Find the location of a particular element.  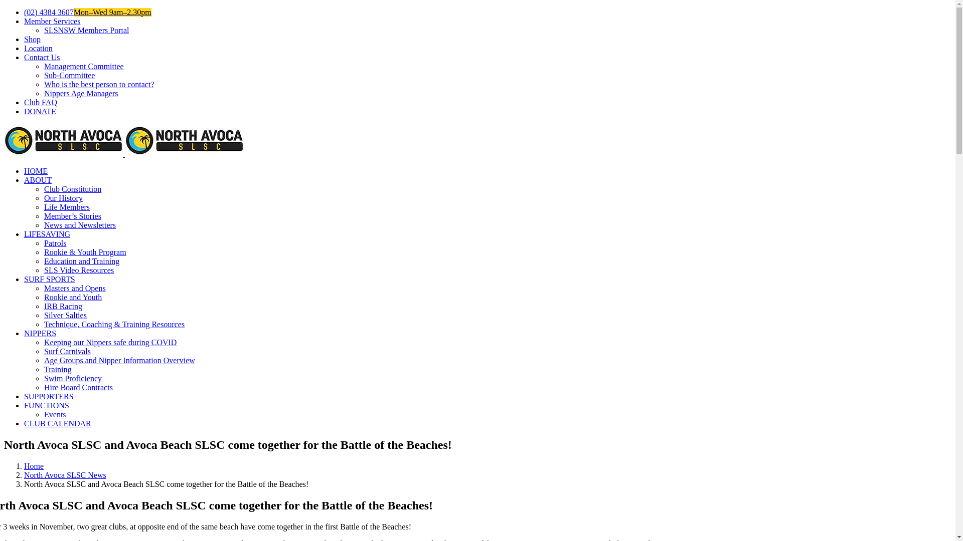

'Education and Training' is located at coordinates (82, 260).